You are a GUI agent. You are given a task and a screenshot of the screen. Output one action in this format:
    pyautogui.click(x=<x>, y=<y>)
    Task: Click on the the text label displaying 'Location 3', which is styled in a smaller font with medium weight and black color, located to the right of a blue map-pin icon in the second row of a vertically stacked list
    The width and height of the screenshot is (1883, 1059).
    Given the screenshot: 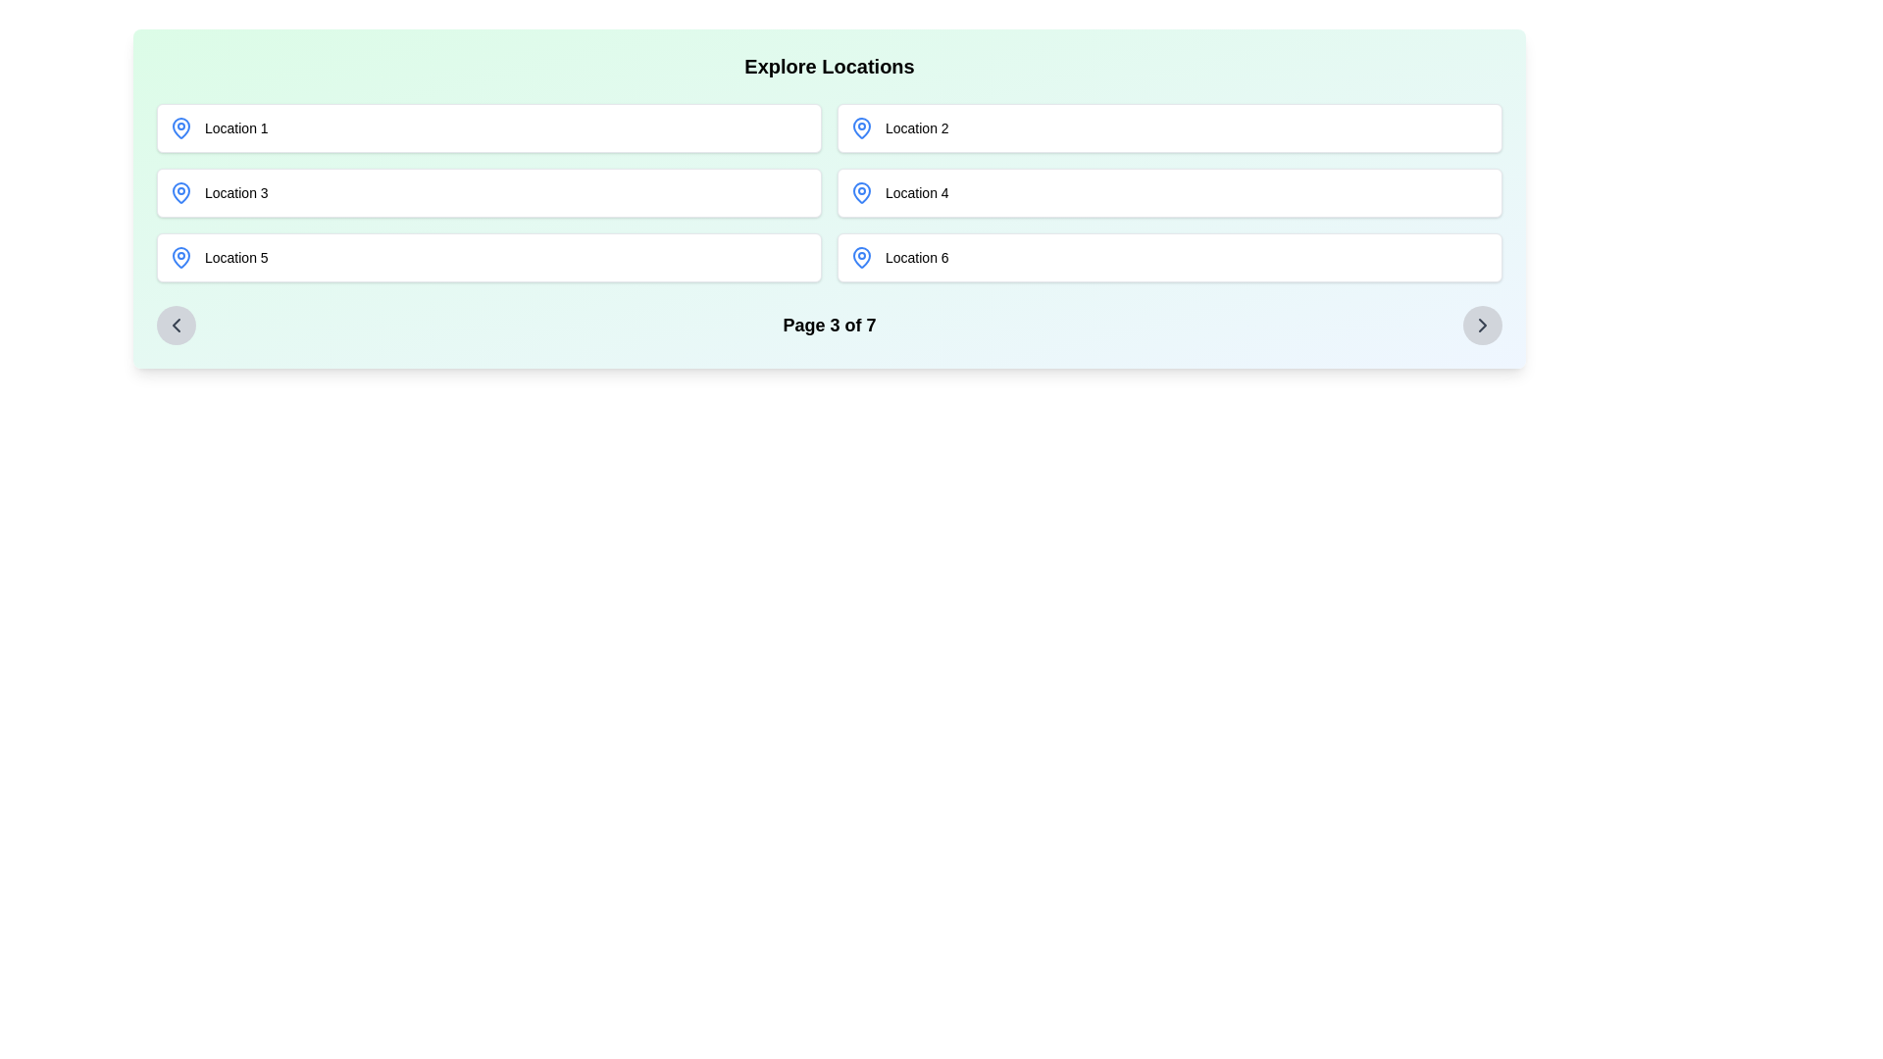 What is the action you would take?
    pyautogui.click(x=235, y=192)
    